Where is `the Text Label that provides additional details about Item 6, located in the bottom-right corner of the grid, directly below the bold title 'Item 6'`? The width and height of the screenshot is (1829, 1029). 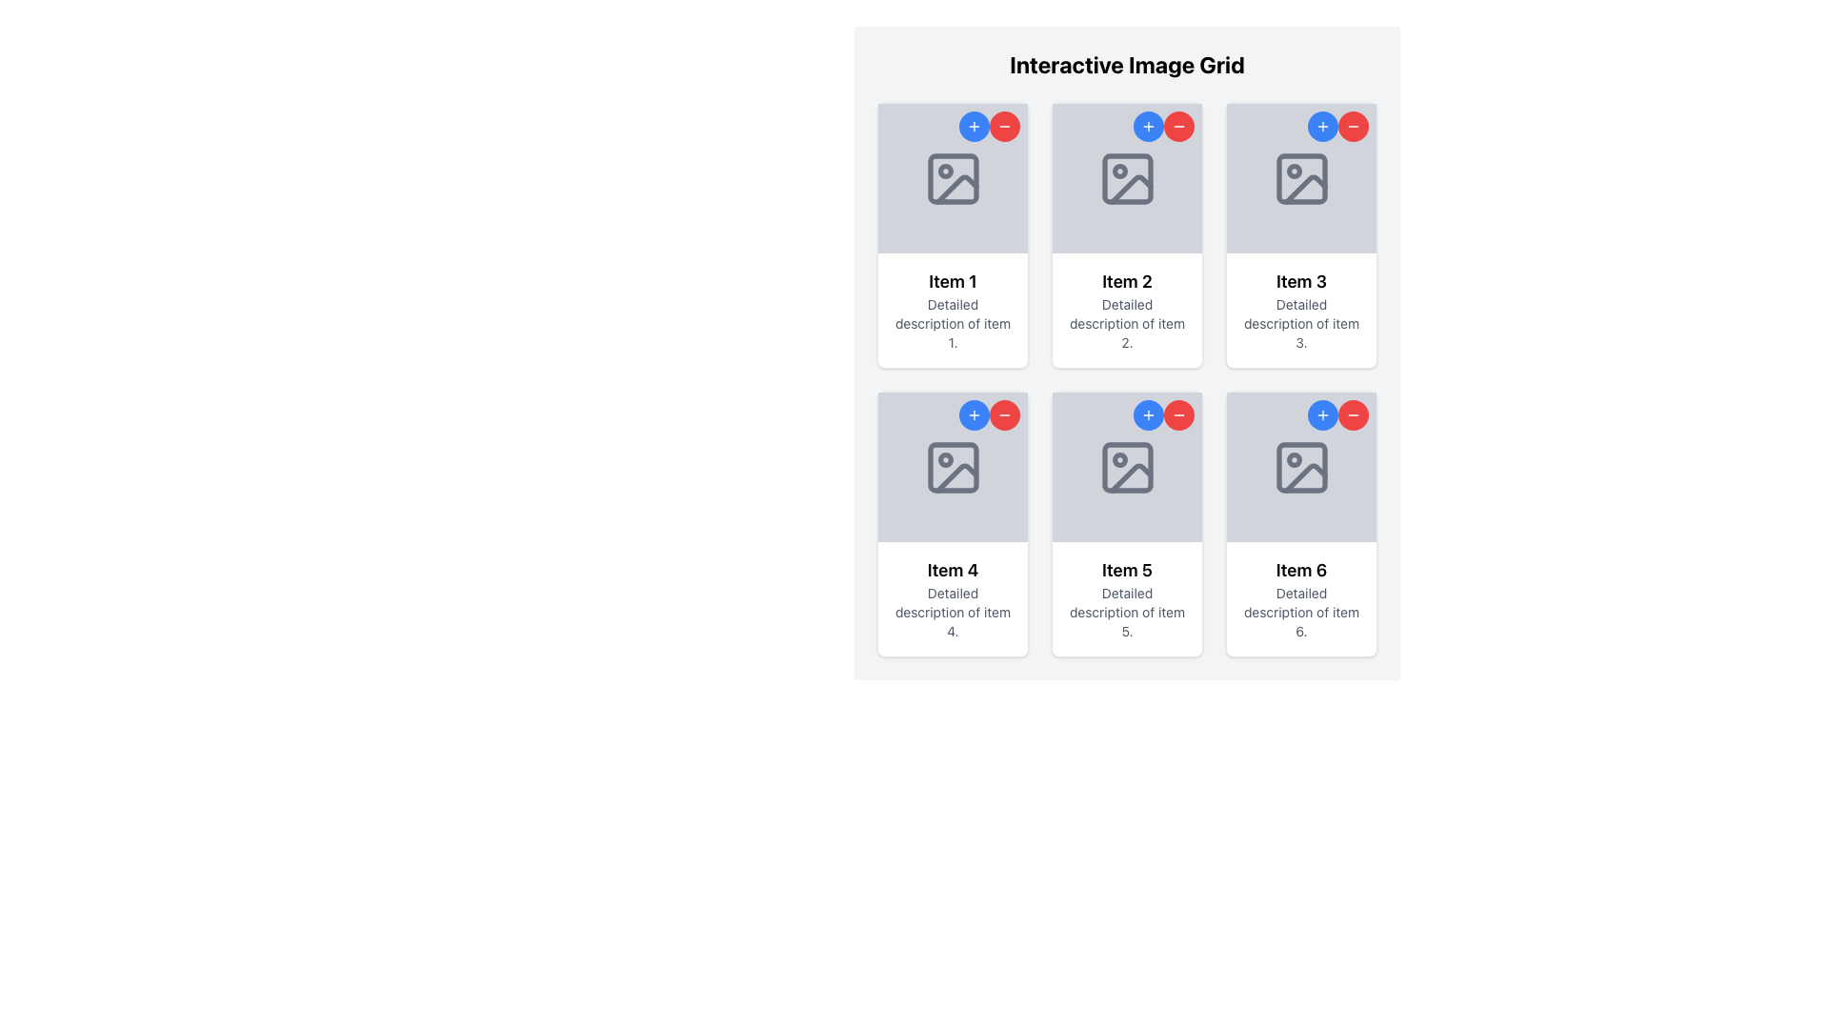 the Text Label that provides additional details about Item 6, located in the bottom-right corner of the grid, directly below the bold title 'Item 6' is located at coordinates (1300, 613).